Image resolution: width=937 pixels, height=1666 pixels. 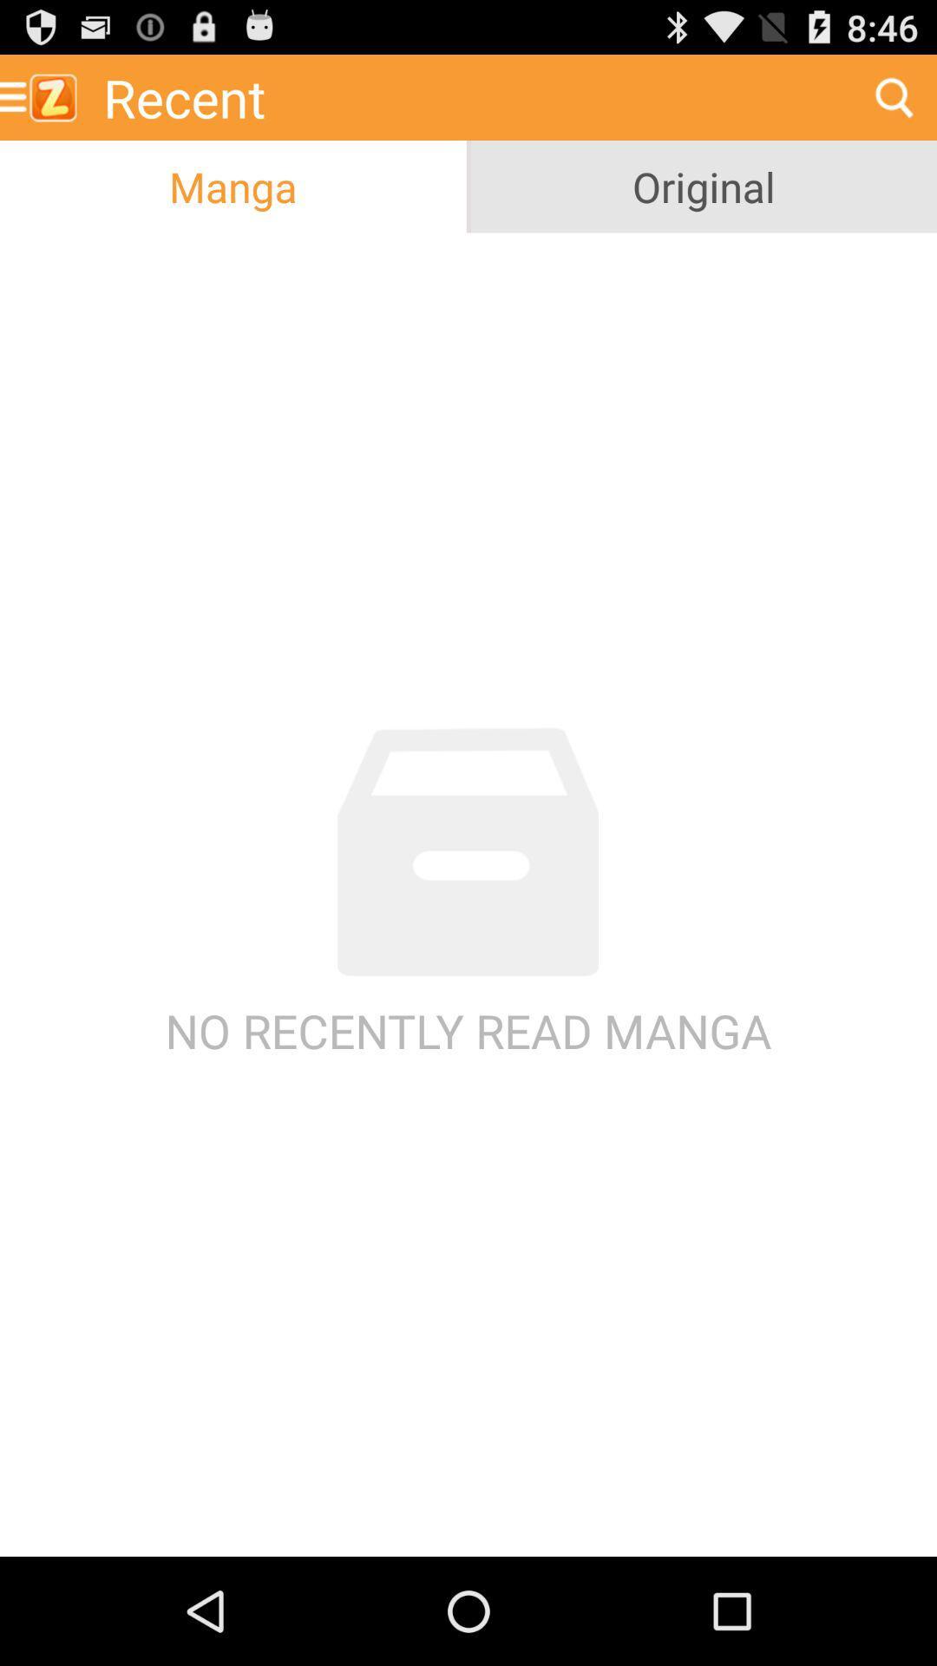 I want to click on icon above manga, so click(x=44, y=96).